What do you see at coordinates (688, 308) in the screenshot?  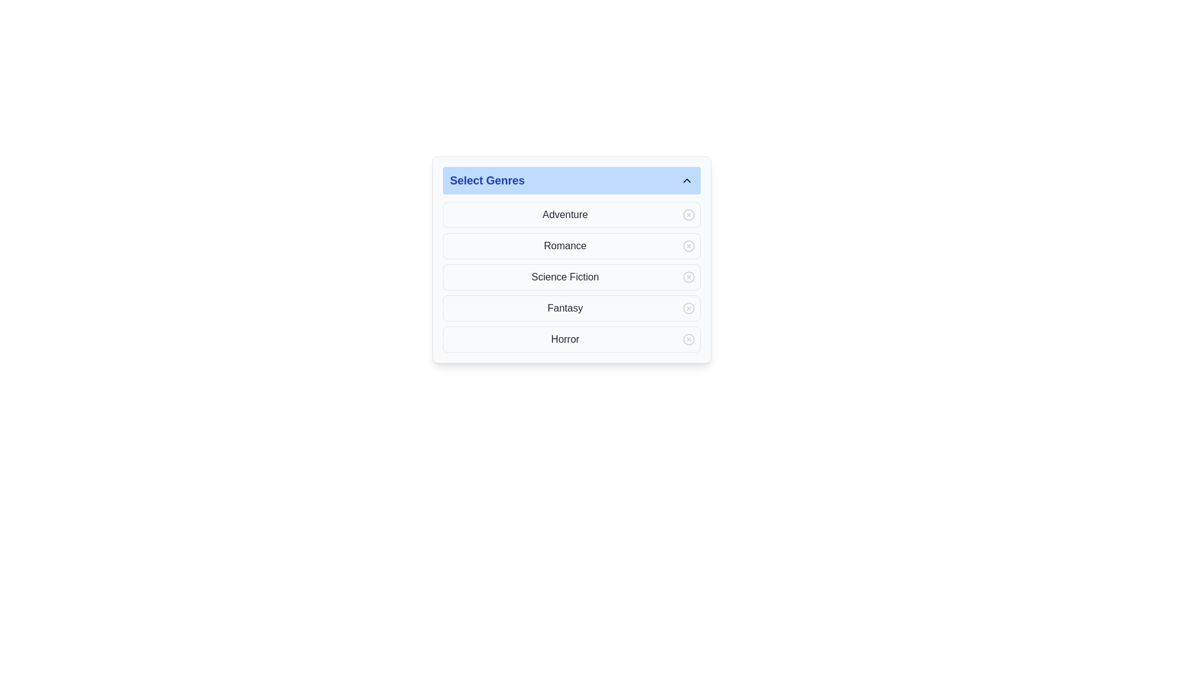 I see `the dismiss button located on the right side of the 'Fantasy' category` at bounding box center [688, 308].